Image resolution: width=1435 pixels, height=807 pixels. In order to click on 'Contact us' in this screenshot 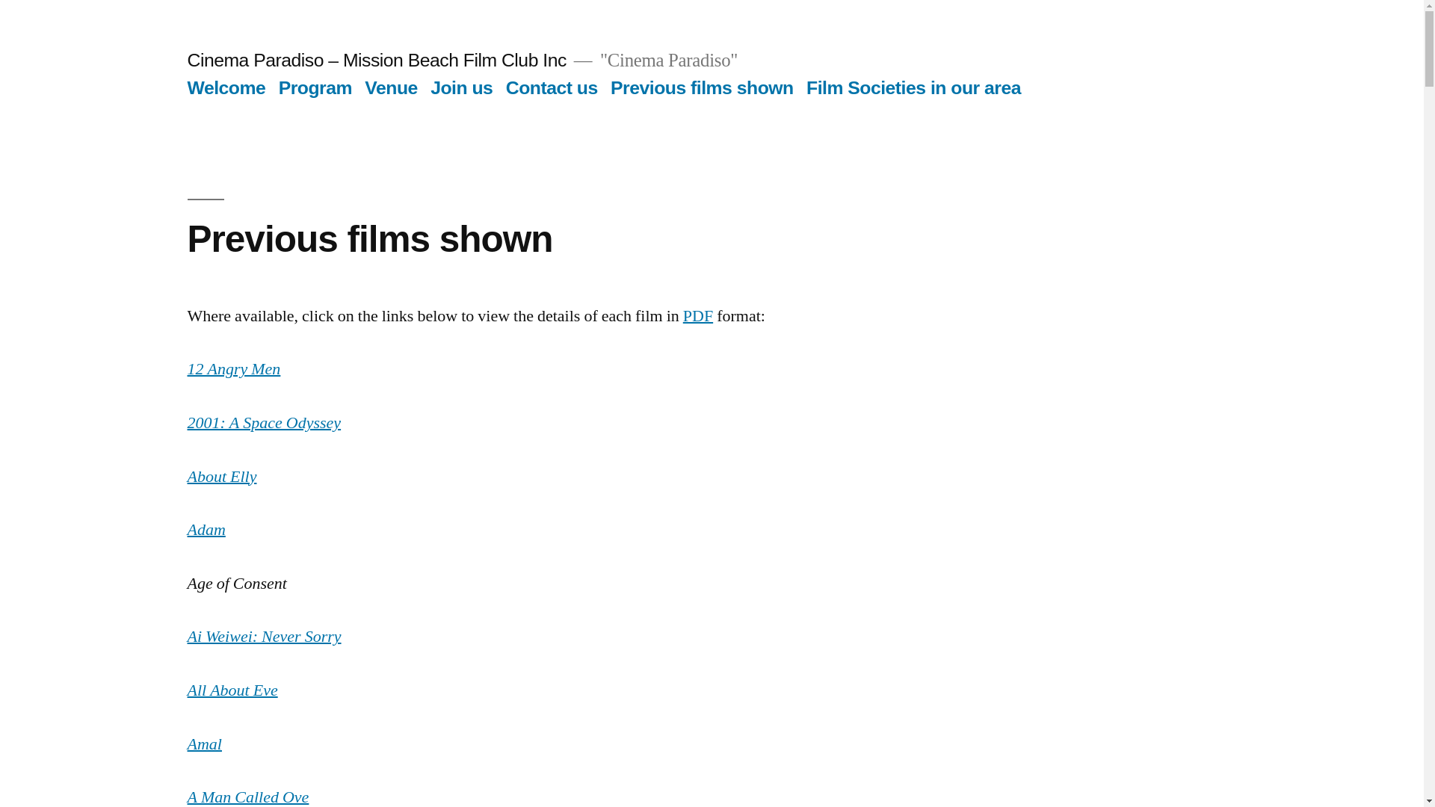, I will do `click(551, 87)`.